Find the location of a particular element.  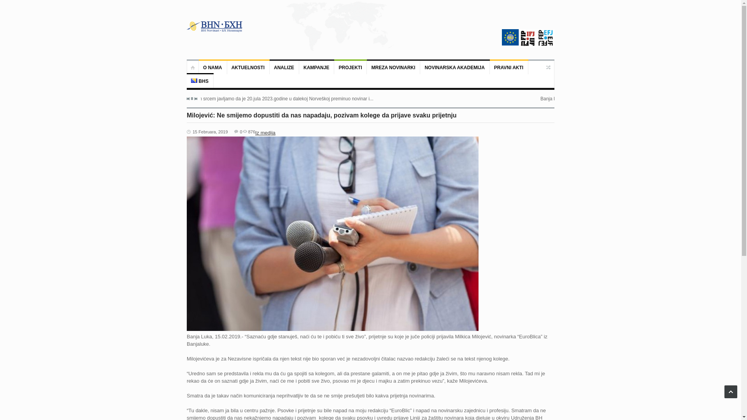

'AKTUELNOSTI' is located at coordinates (248, 67).